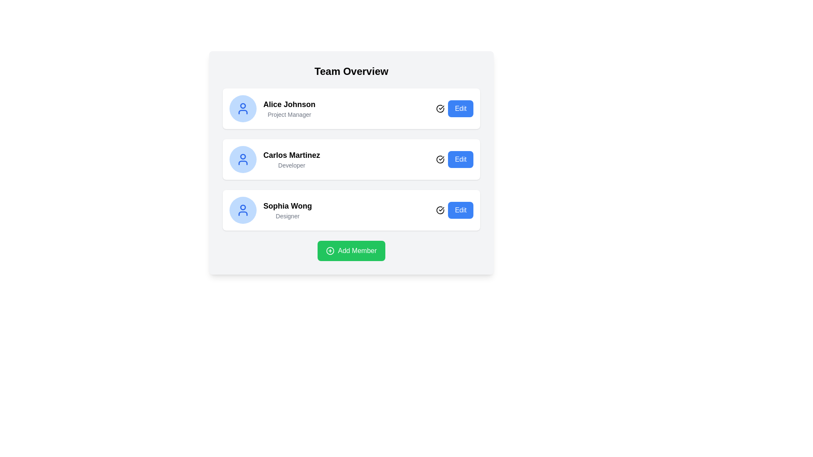 The height and width of the screenshot is (457, 813). I want to click on the user avatar image representing 'Sophia Wong' located on the left side of the section, so click(243, 210).